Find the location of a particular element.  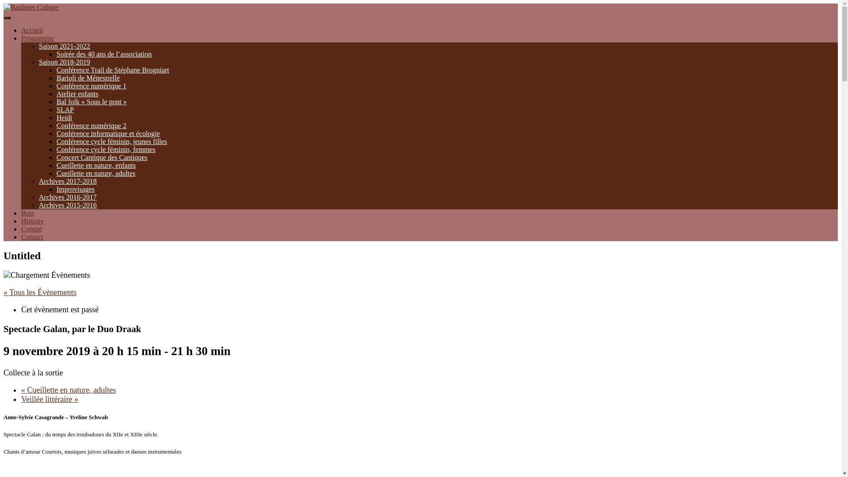

'Programme' is located at coordinates (37, 38).